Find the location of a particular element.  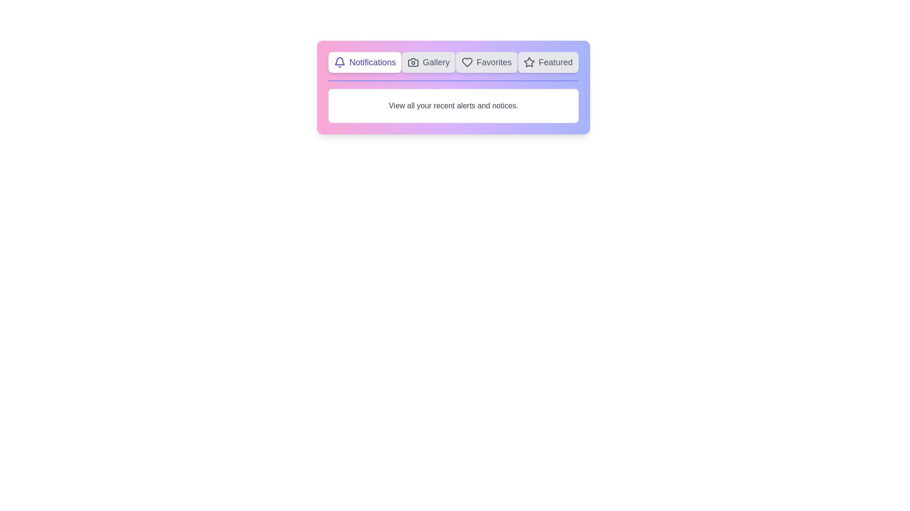

the Featured tab by clicking on its button is located at coordinates (548, 62).